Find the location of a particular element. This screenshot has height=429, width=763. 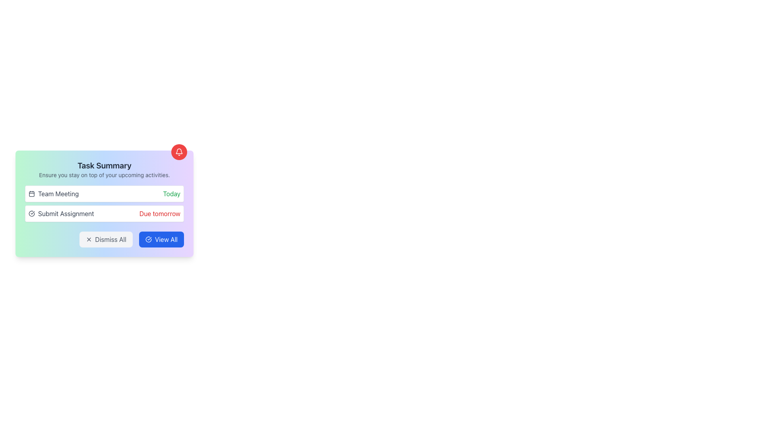

the dismiss button located in the bottom section of the card layout is located at coordinates (105, 239).